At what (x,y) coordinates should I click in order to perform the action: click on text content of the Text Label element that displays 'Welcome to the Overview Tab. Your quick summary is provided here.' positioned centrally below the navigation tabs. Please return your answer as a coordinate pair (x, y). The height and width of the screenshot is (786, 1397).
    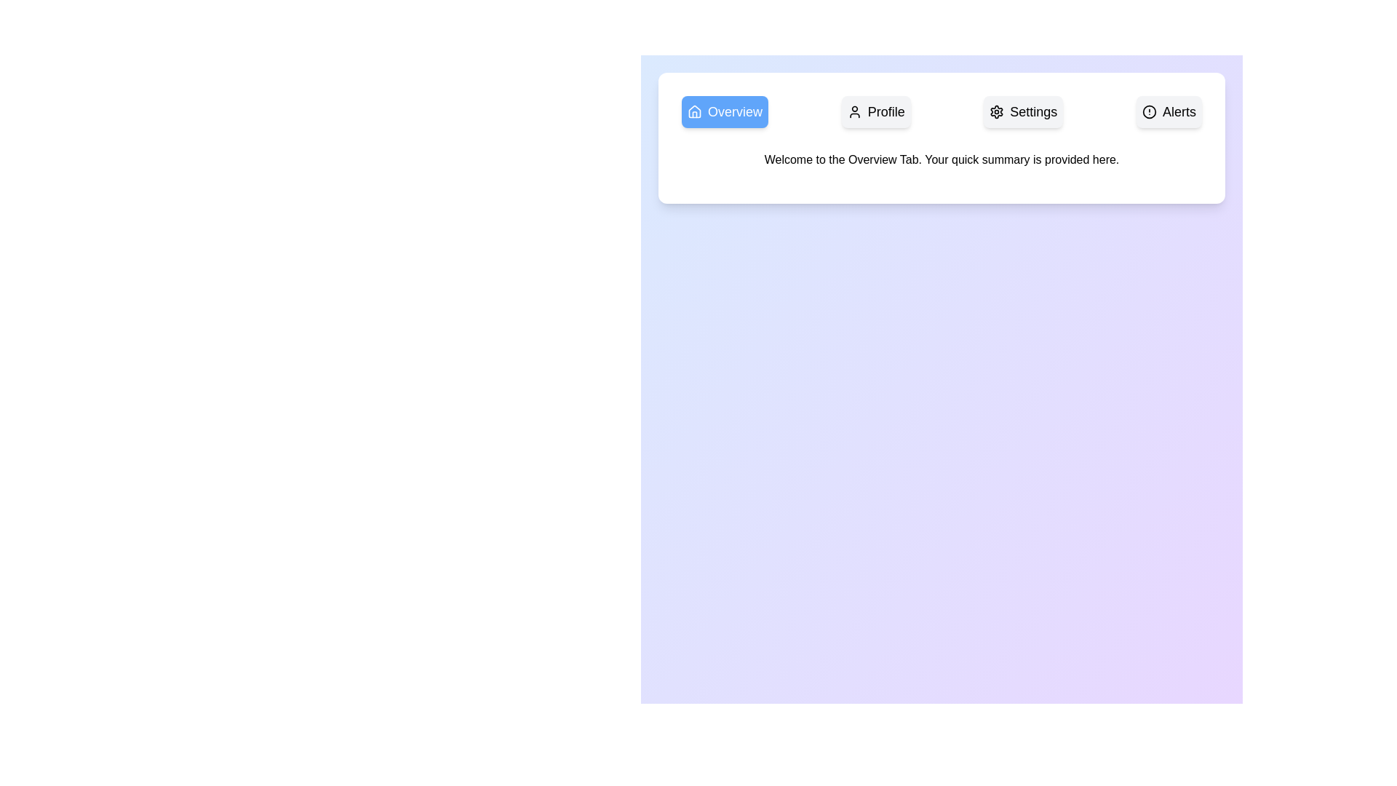
    Looking at the image, I should click on (942, 159).